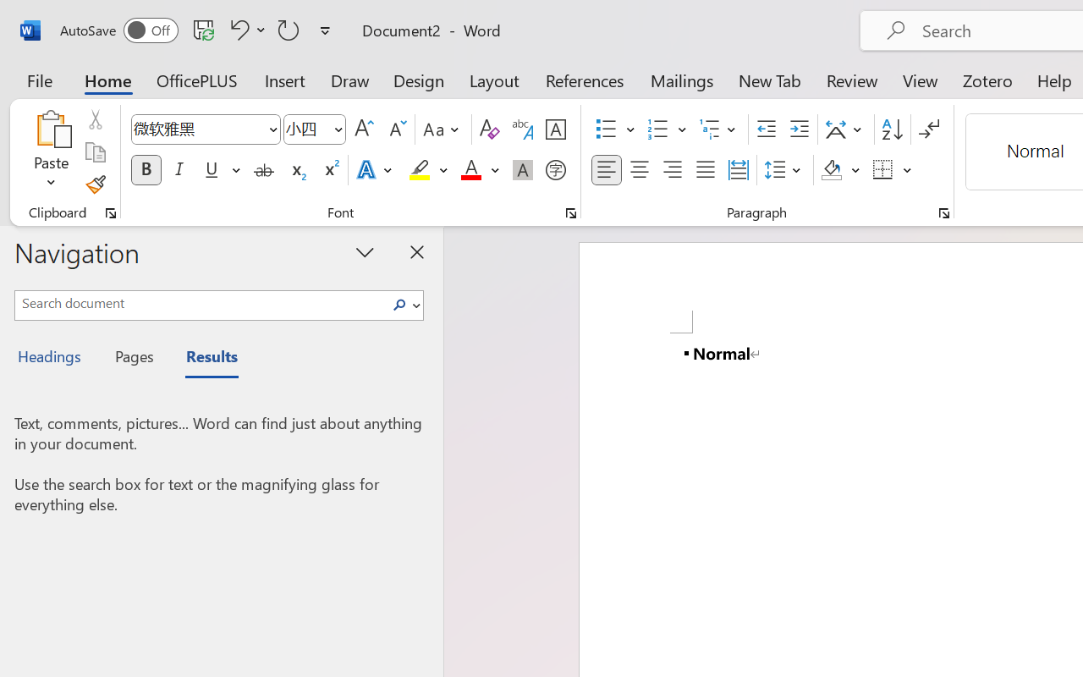  What do you see at coordinates (236, 29) in the screenshot?
I see `'Undo <ApplyStyleToDoc>b__0'` at bounding box center [236, 29].